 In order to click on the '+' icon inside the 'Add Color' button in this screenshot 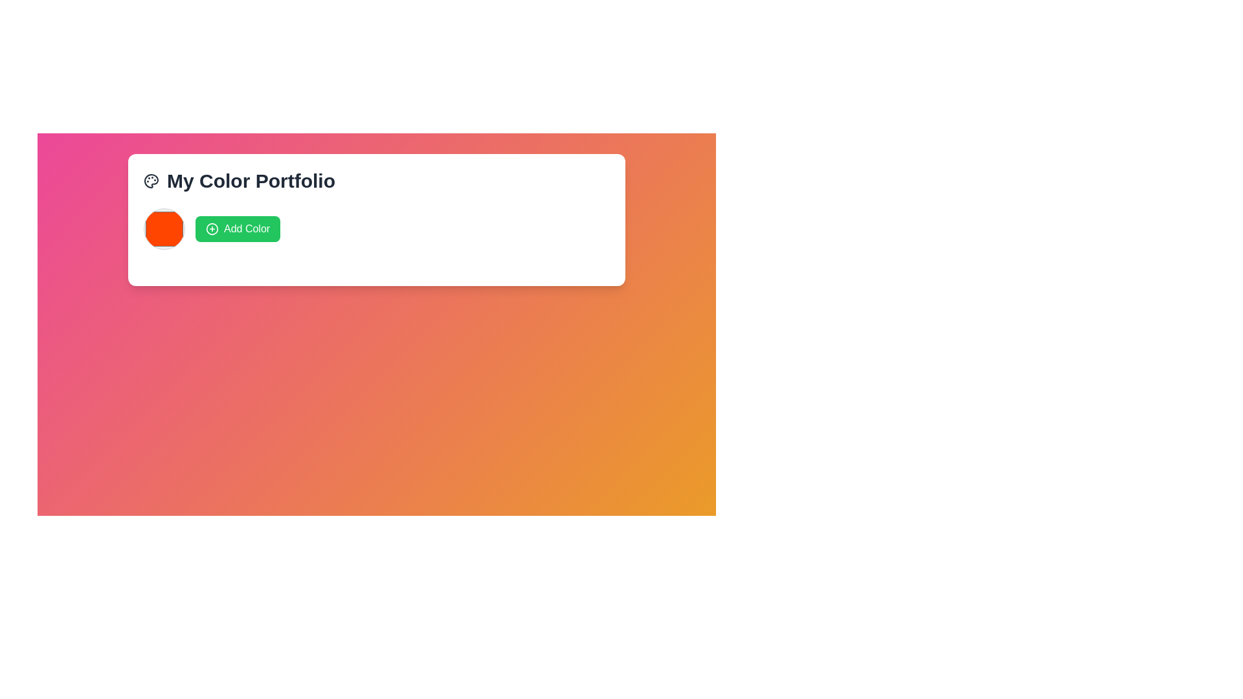, I will do `click(212, 228)`.